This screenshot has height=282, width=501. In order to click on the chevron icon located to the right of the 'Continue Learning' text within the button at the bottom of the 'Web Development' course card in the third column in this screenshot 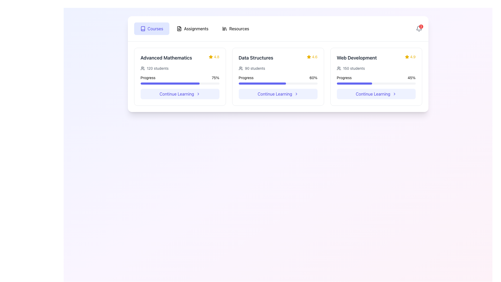, I will do `click(394, 93)`.